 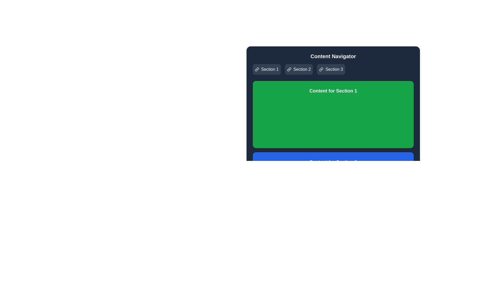 What do you see at coordinates (333, 69) in the screenshot?
I see `the navigation link labeled 'Section 3'` at bounding box center [333, 69].